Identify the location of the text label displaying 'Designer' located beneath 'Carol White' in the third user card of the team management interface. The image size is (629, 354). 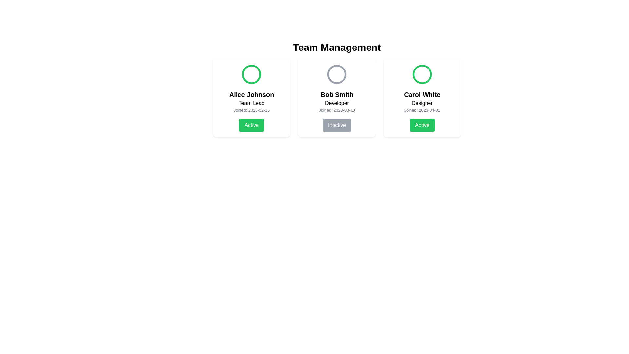
(422, 103).